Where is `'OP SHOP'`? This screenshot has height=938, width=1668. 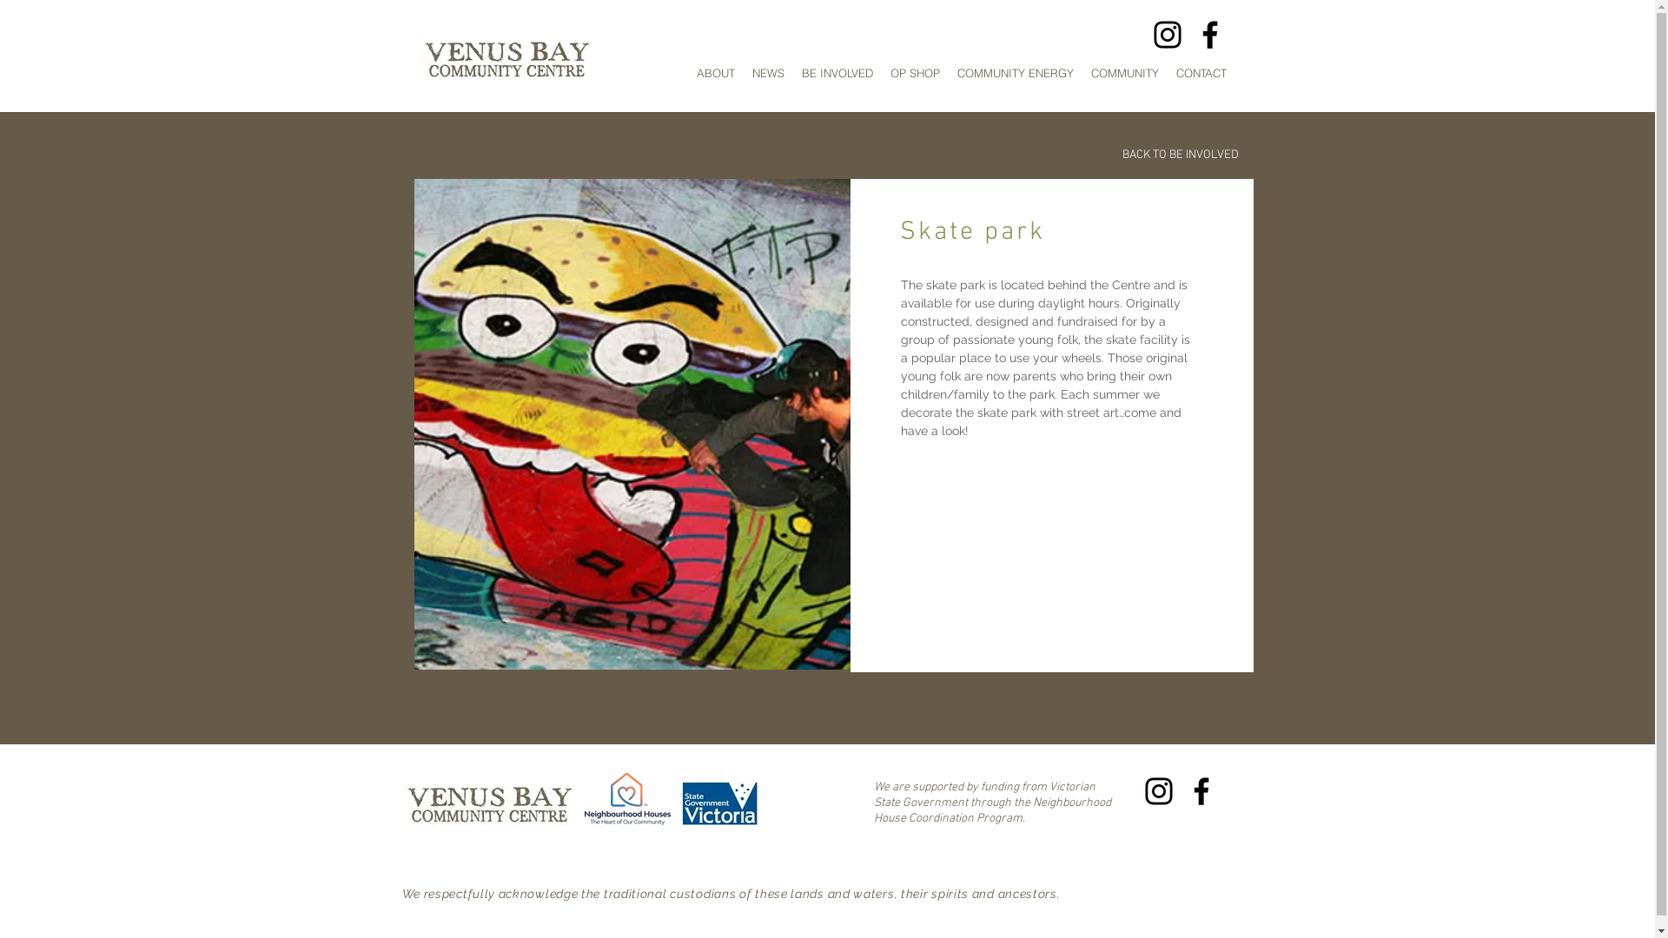
'OP SHOP' is located at coordinates (913, 72).